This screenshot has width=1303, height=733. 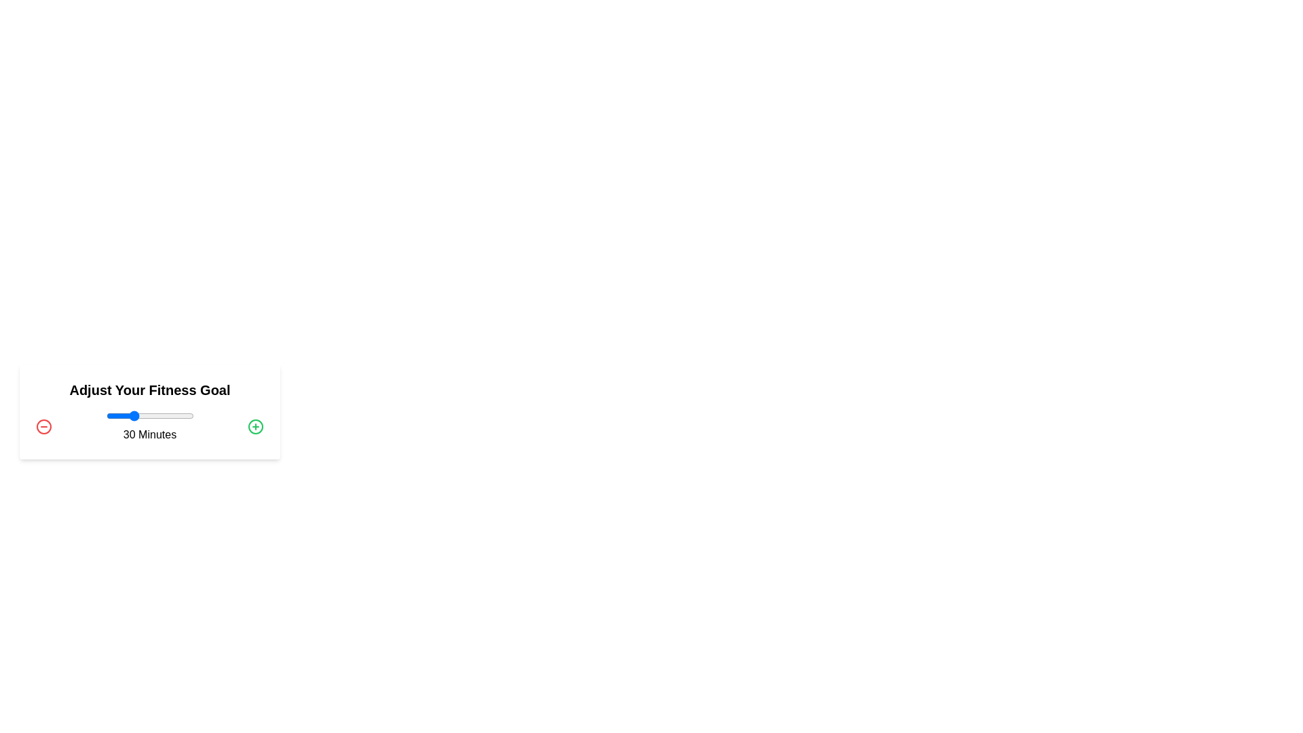 What do you see at coordinates (149, 434) in the screenshot?
I see `the text label displaying the currently selected duration of '30 Minutes' located below the slider in the 'Adjust Your Fitness Goal' section` at bounding box center [149, 434].